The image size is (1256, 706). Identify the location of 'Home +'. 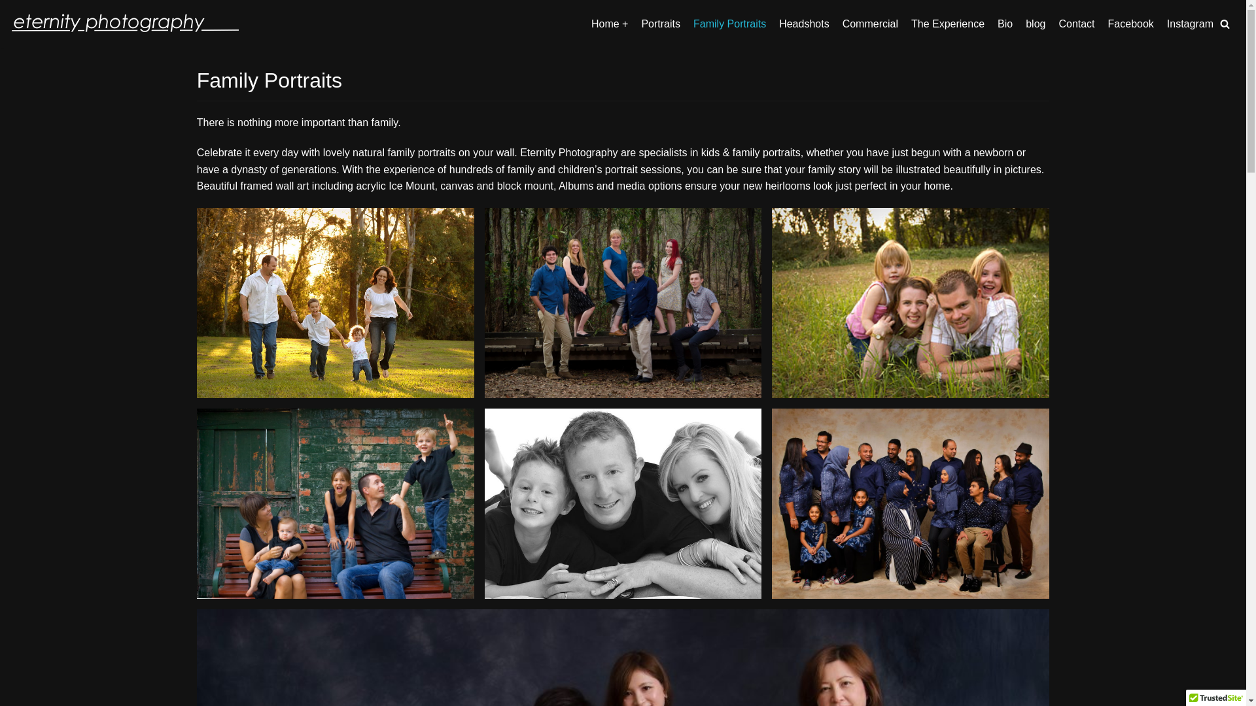
(608, 24).